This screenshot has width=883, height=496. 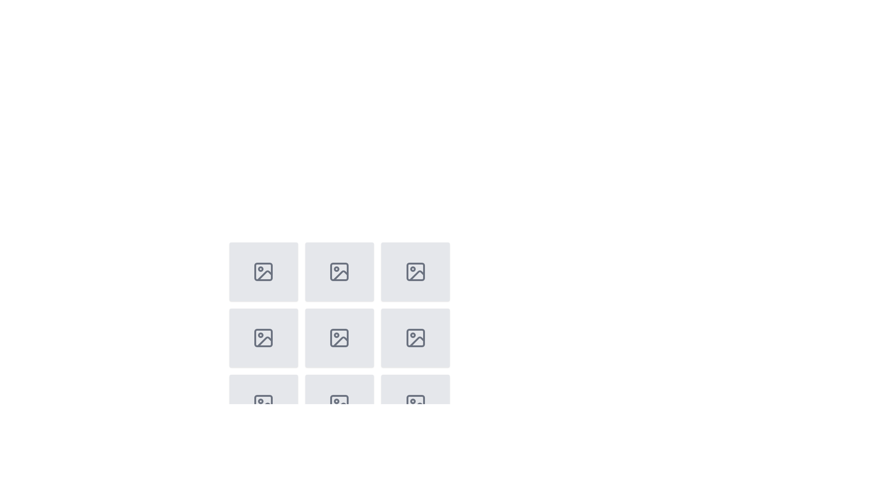 What do you see at coordinates (263, 271) in the screenshot?
I see `the graphical representation of a rectangle within the SVG icon, which is positioned in the top-left cell of a 3x3 grid layout` at bounding box center [263, 271].